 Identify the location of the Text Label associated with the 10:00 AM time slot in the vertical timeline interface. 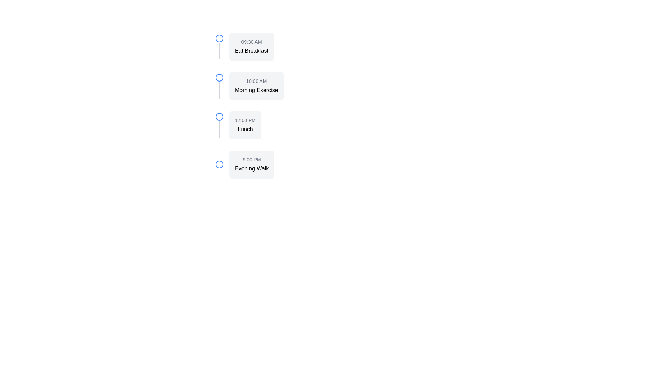
(256, 90).